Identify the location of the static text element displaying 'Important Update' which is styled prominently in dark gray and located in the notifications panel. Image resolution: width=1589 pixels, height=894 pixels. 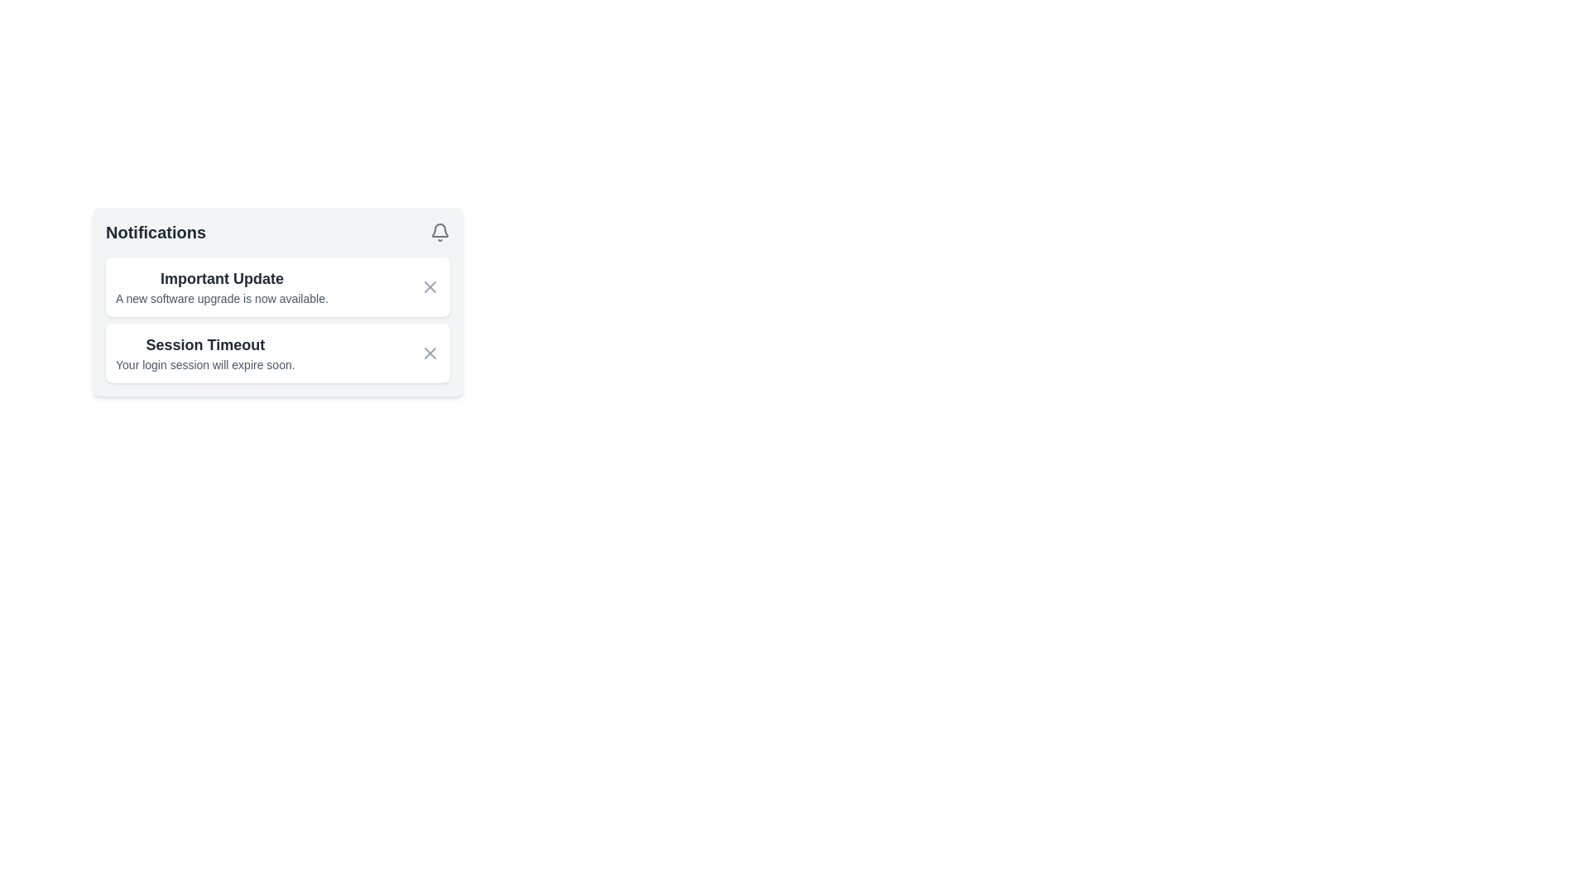
(221, 277).